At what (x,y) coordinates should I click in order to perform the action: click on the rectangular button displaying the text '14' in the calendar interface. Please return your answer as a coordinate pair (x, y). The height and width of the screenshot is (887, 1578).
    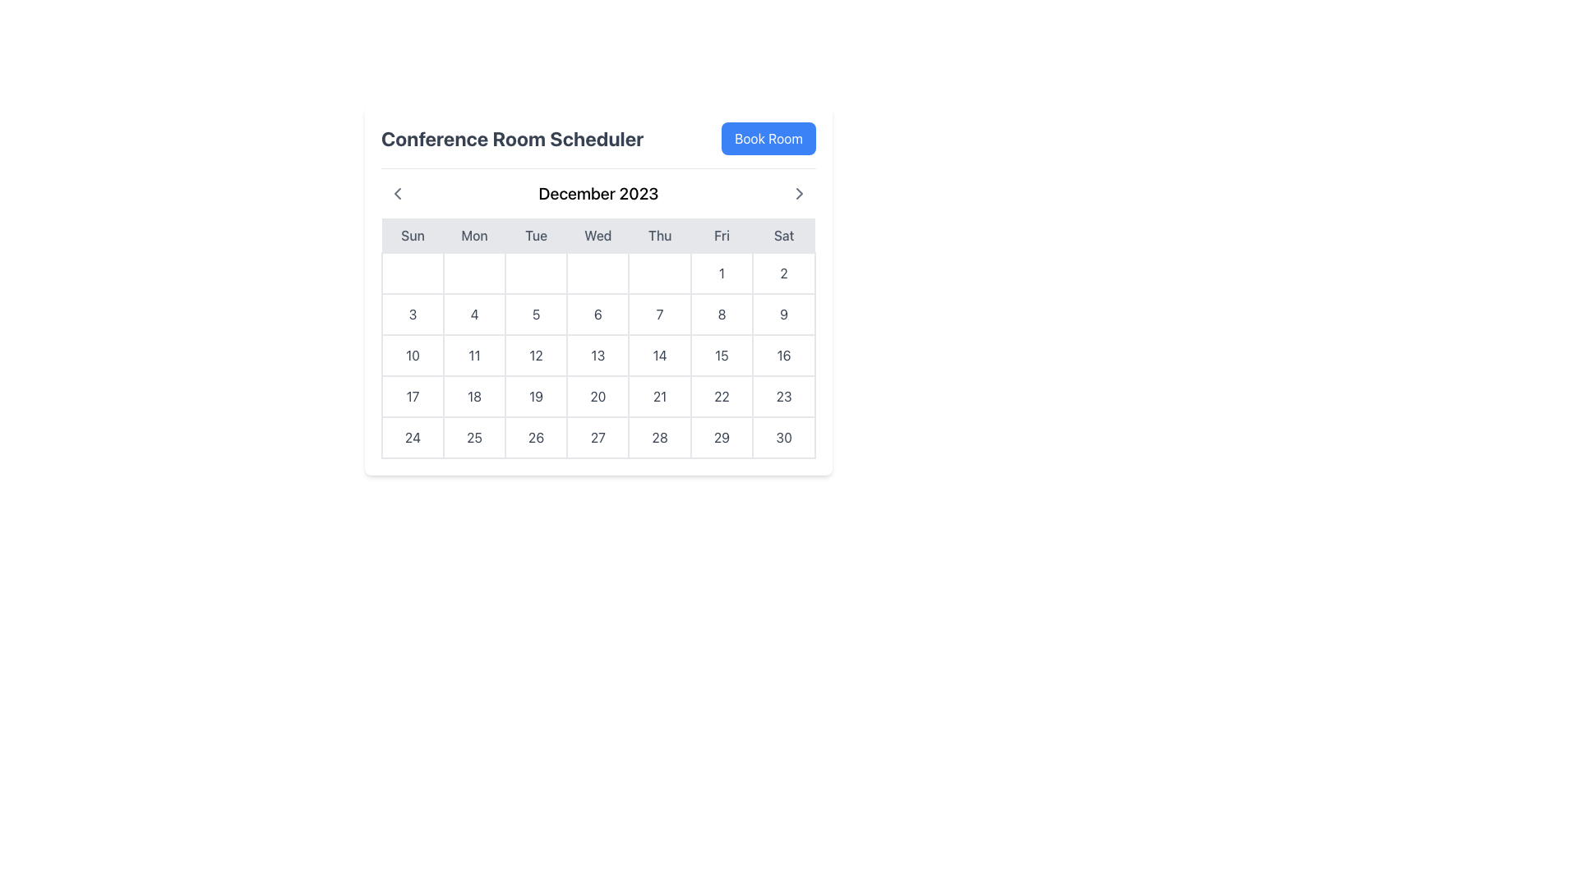
    Looking at the image, I should click on (660, 354).